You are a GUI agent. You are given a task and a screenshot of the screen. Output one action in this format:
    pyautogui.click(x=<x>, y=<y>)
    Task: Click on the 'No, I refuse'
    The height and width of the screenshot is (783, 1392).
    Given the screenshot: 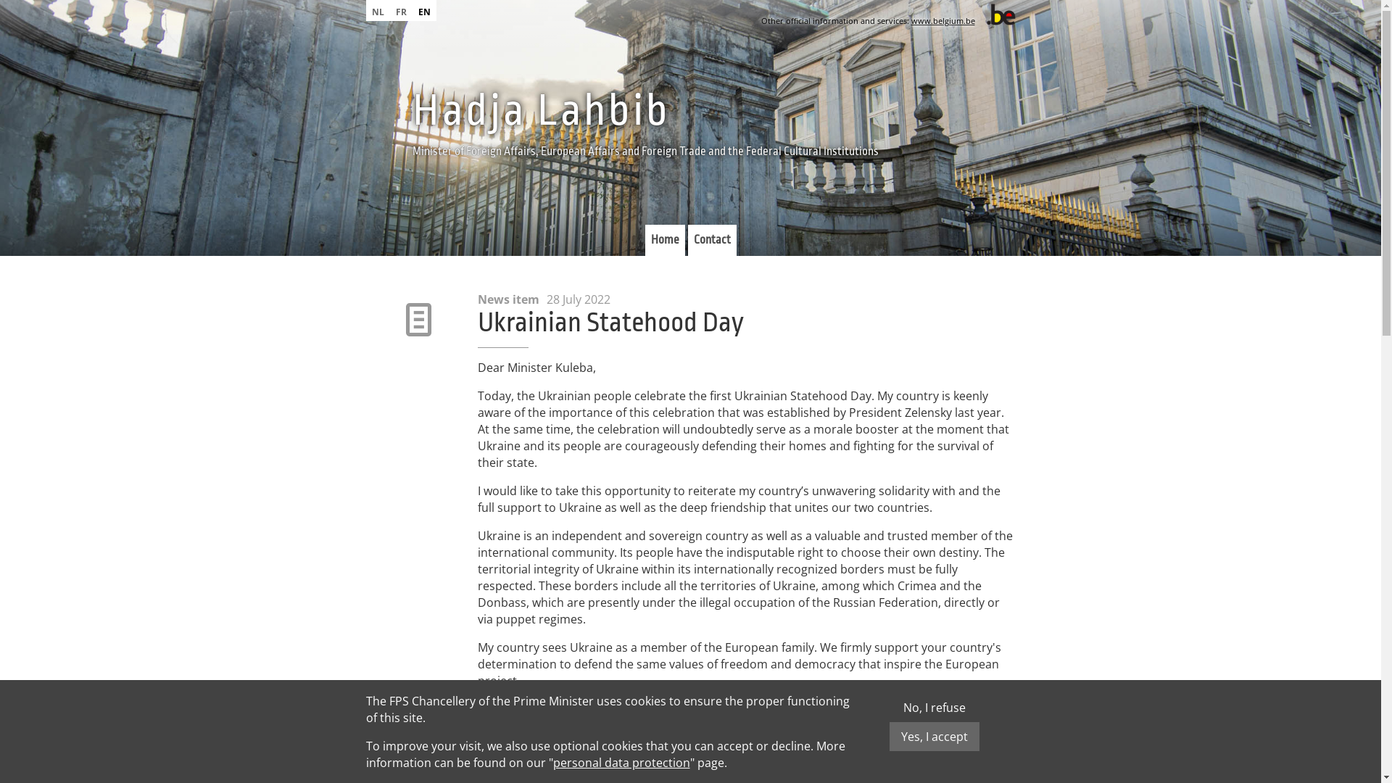 What is the action you would take?
    pyautogui.click(x=935, y=706)
    